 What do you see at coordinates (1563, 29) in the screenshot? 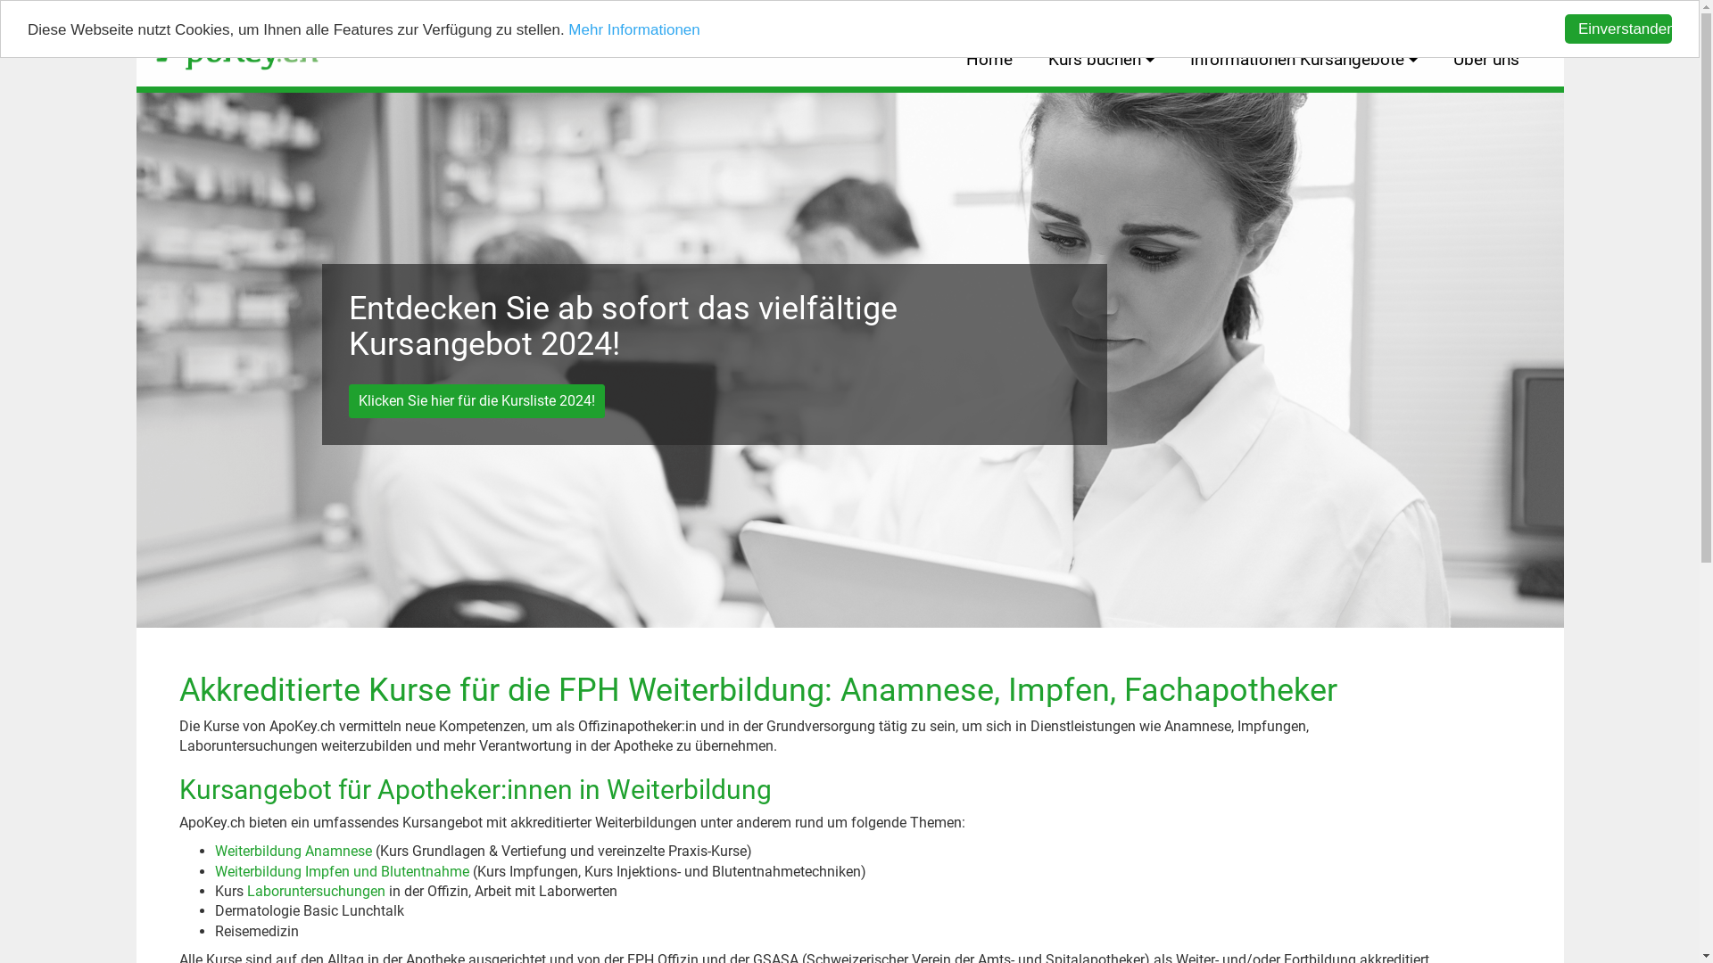
I see `'Einverstanden!'` at bounding box center [1563, 29].